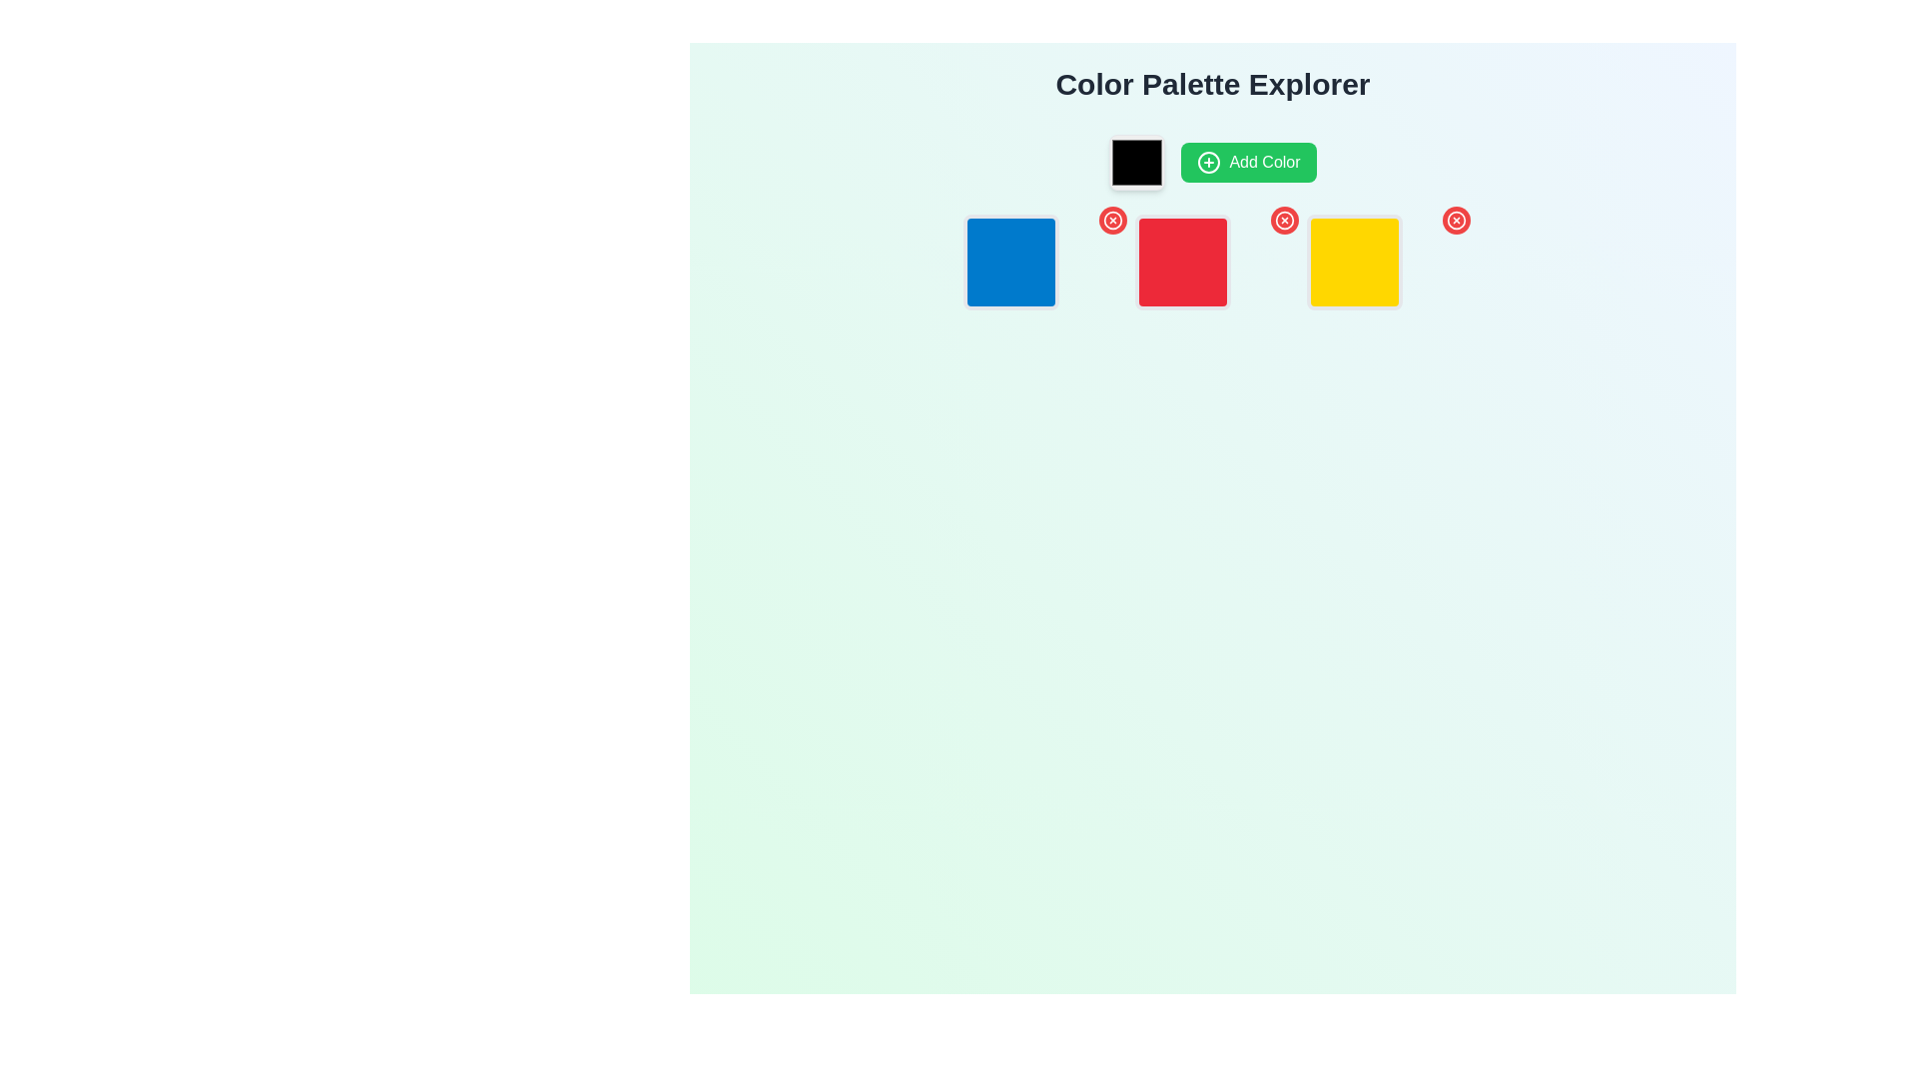 The height and width of the screenshot is (1078, 1917). What do you see at coordinates (1211, 83) in the screenshot?
I see `the header element displaying the text 'Color Palette Explorer', which is styled in a large, bold font and positioned at the top center of the interface` at bounding box center [1211, 83].